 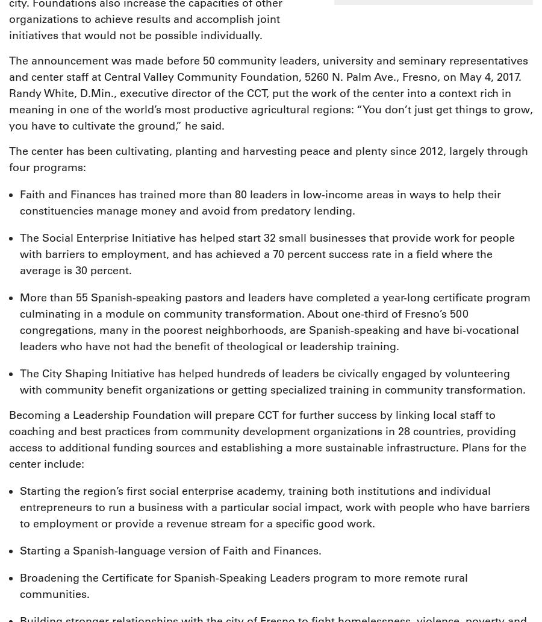 What do you see at coordinates (274, 507) in the screenshot?
I see `'Starting the region’s first social enterprise academy, training both institutions and individual entrepreneurs to run a business with a particular social impact, work with people who have barriers to employment or provide a revenue stream for a specific good work.'` at bounding box center [274, 507].